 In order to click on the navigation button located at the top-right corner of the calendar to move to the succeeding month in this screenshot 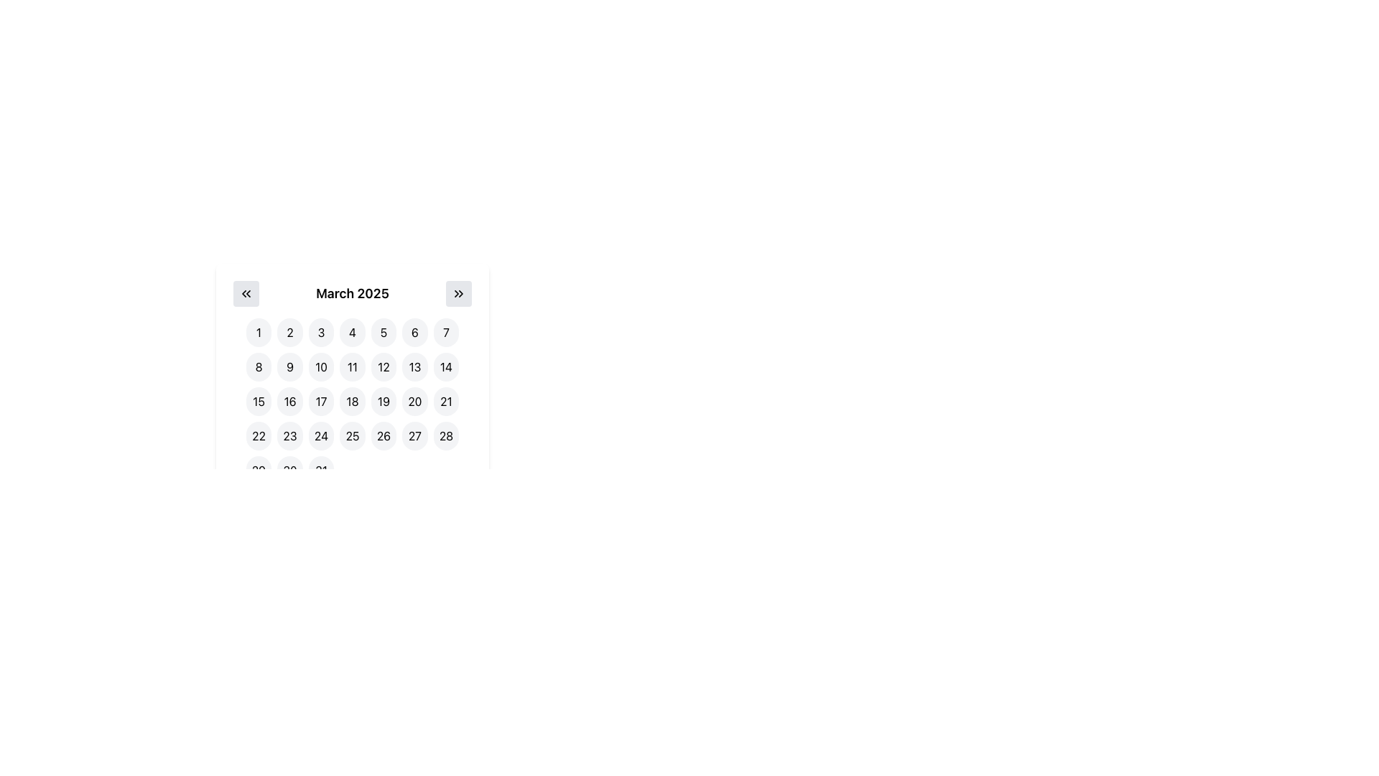, I will do `click(458, 292)`.